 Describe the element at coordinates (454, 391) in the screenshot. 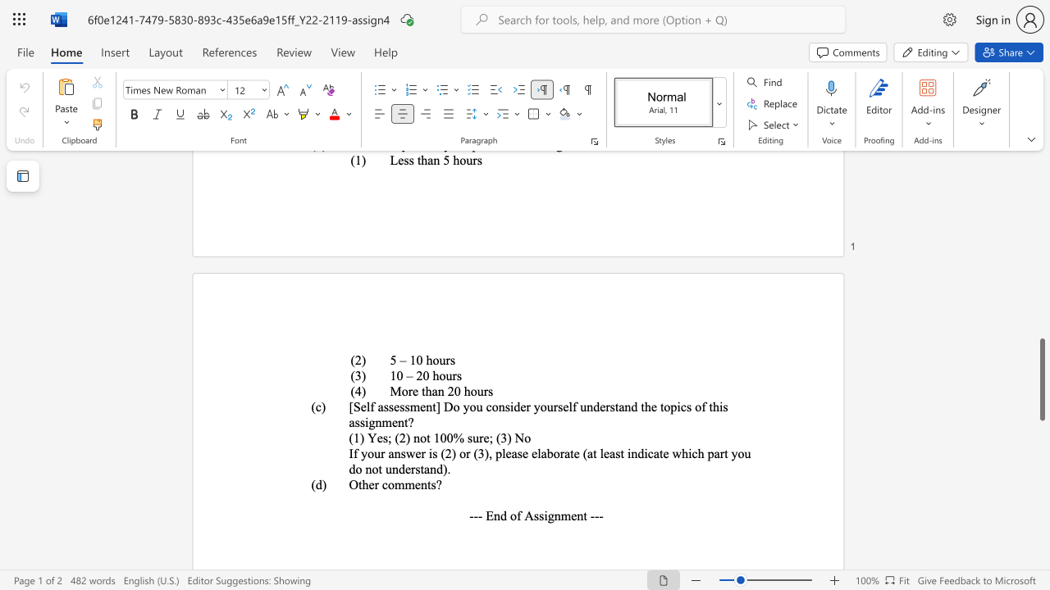

I see `the subset text "0 hour" within the text "More than 20 hours"` at that location.